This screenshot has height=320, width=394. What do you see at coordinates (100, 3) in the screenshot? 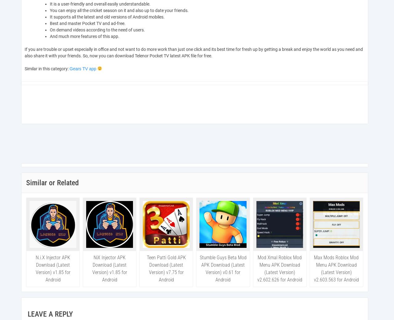
I see `'It is a user-friendly and overall easily understandable.'` at bounding box center [100, 3].